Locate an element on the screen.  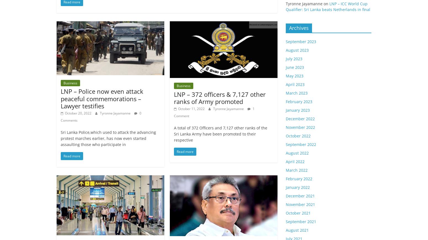
'July 2023' is located at coordinates (286, 59).